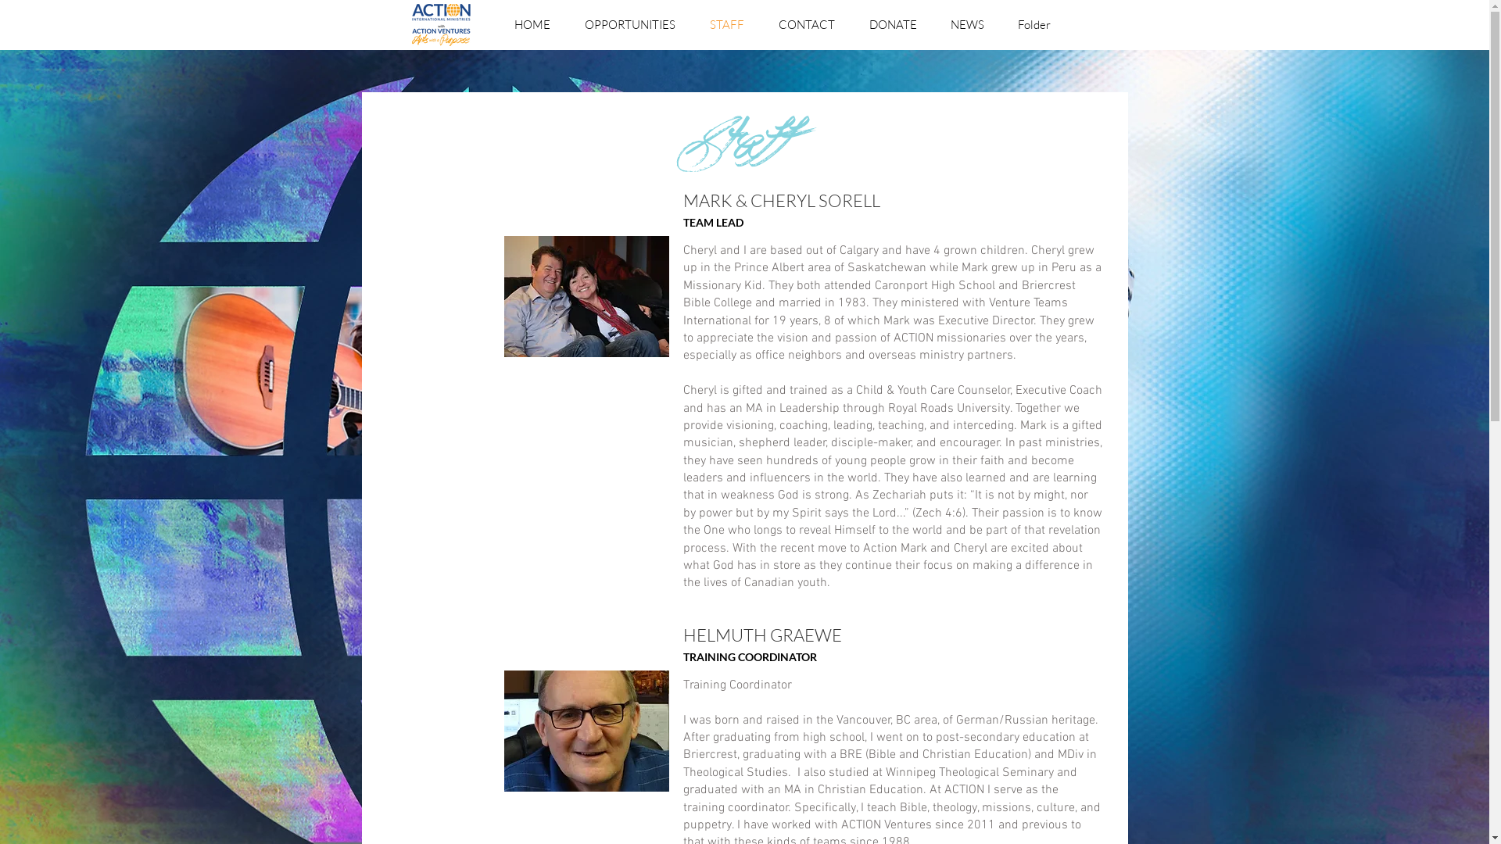 This screenshot has height=844, width=1501. I want to click on 'DONATE', so click(893, 24).